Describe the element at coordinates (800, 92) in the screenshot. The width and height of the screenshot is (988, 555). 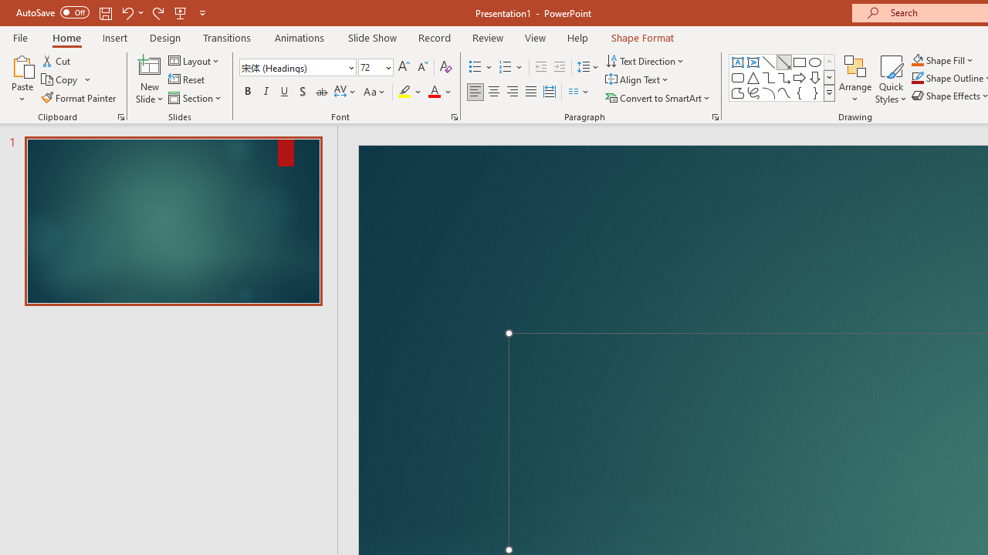
I see `'Left Brace'` at that location.